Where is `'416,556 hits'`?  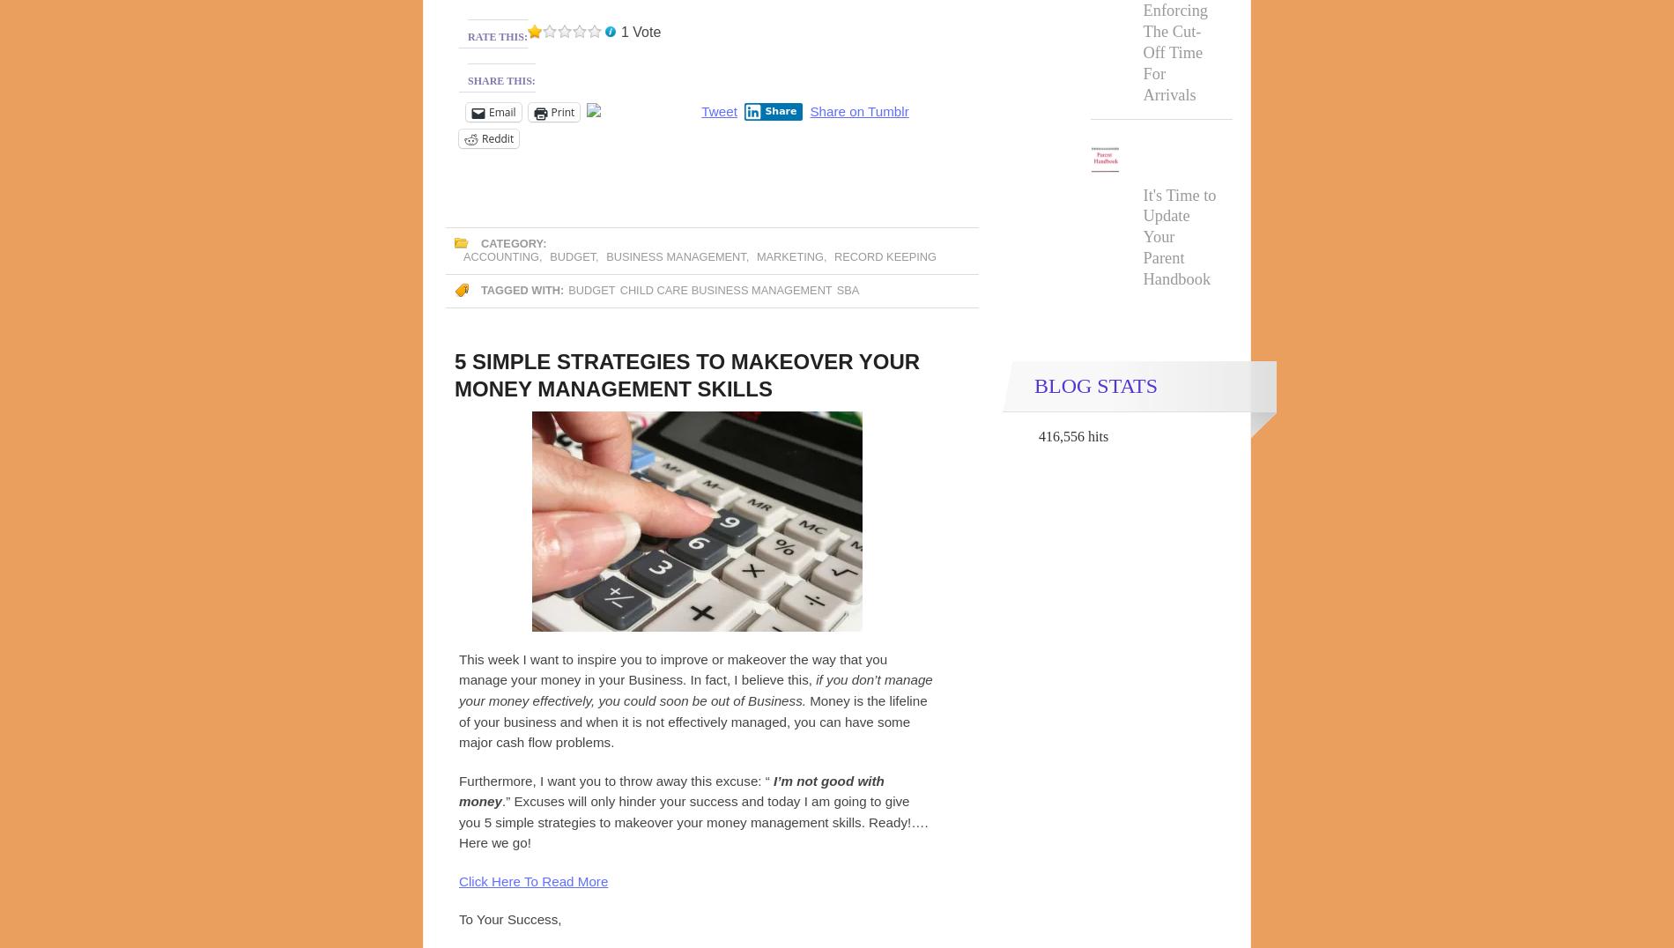
'416,556 hits' is located at coordinates (1072, 436).